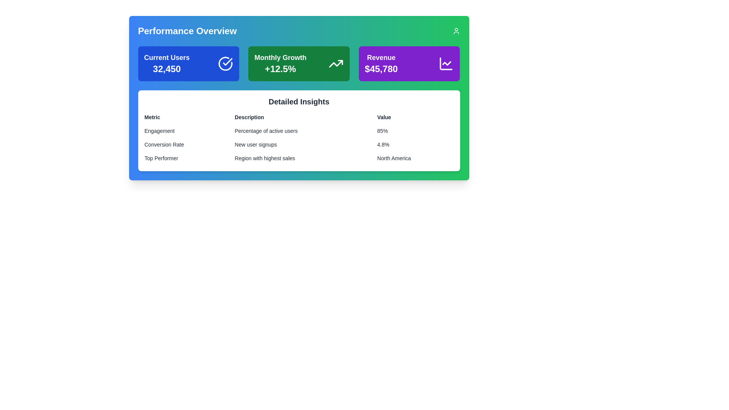  Describe the element at coordinates (298, 130) in the screenshot. I see `the first row in the detailed insights section under the 'Performance Overview' header, which presents the percentage of active users` at that location.